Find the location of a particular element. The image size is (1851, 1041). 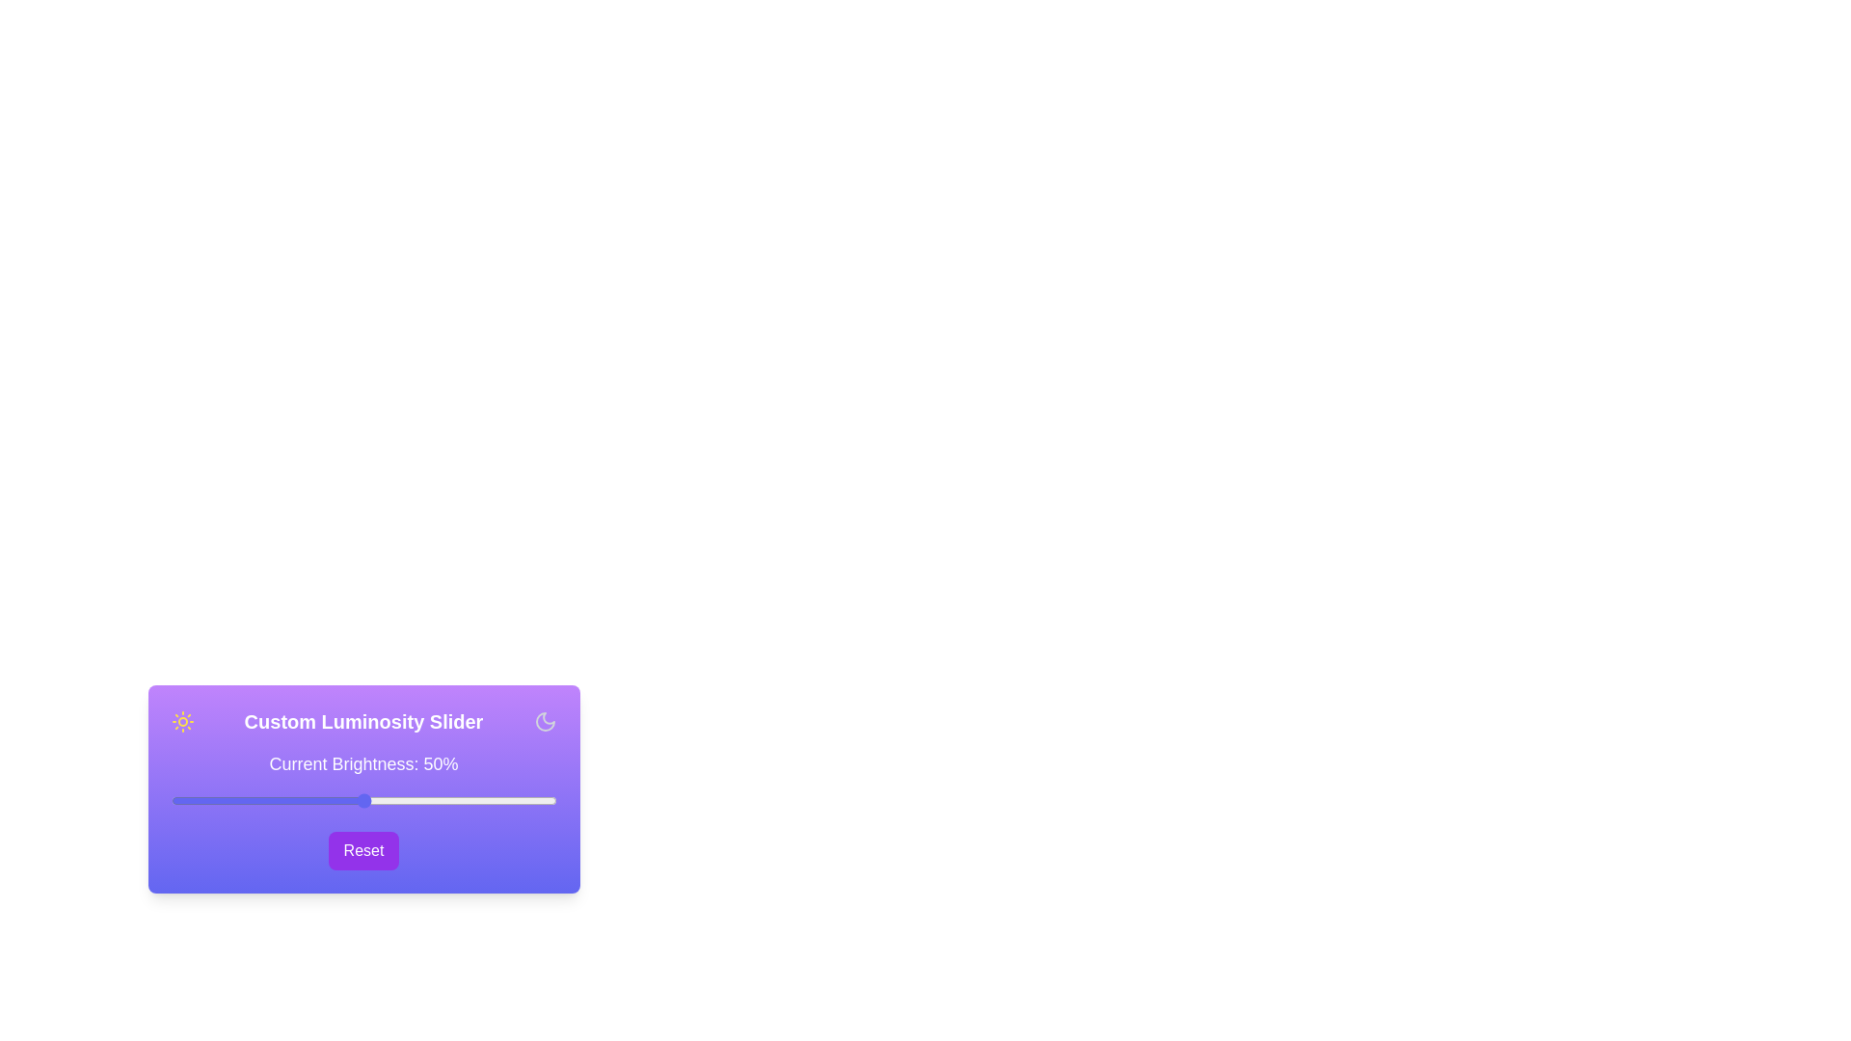

brightness is located at coordinates (544, 800).